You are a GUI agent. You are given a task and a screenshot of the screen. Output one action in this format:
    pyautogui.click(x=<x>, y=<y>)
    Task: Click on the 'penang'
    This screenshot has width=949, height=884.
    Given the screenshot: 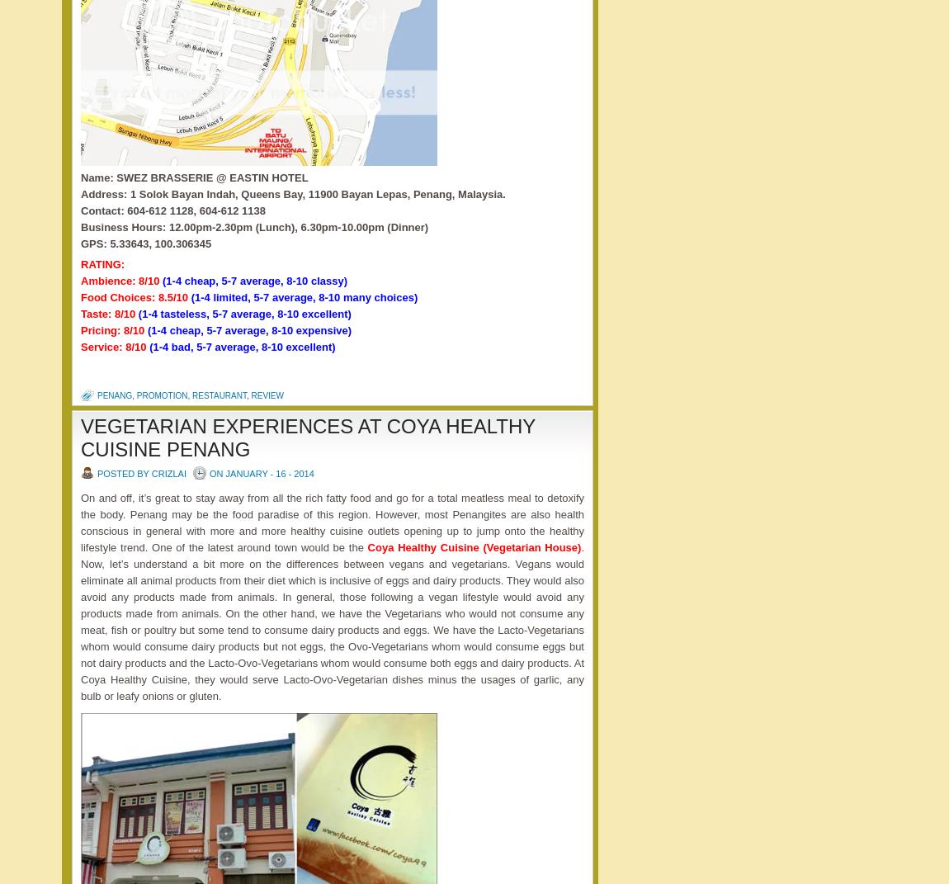 What is the action you would take?
    pyautogui.click(x=114, y=395)
    